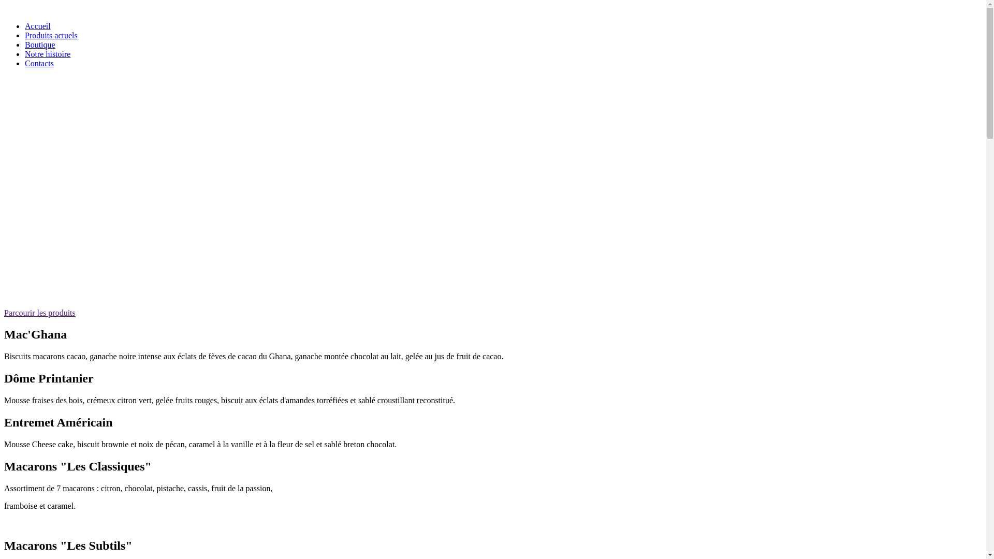  What do you see at coordinates (25, 44) in the screenshot?
I see `'Boutique'` at bounding box center [25, 44].